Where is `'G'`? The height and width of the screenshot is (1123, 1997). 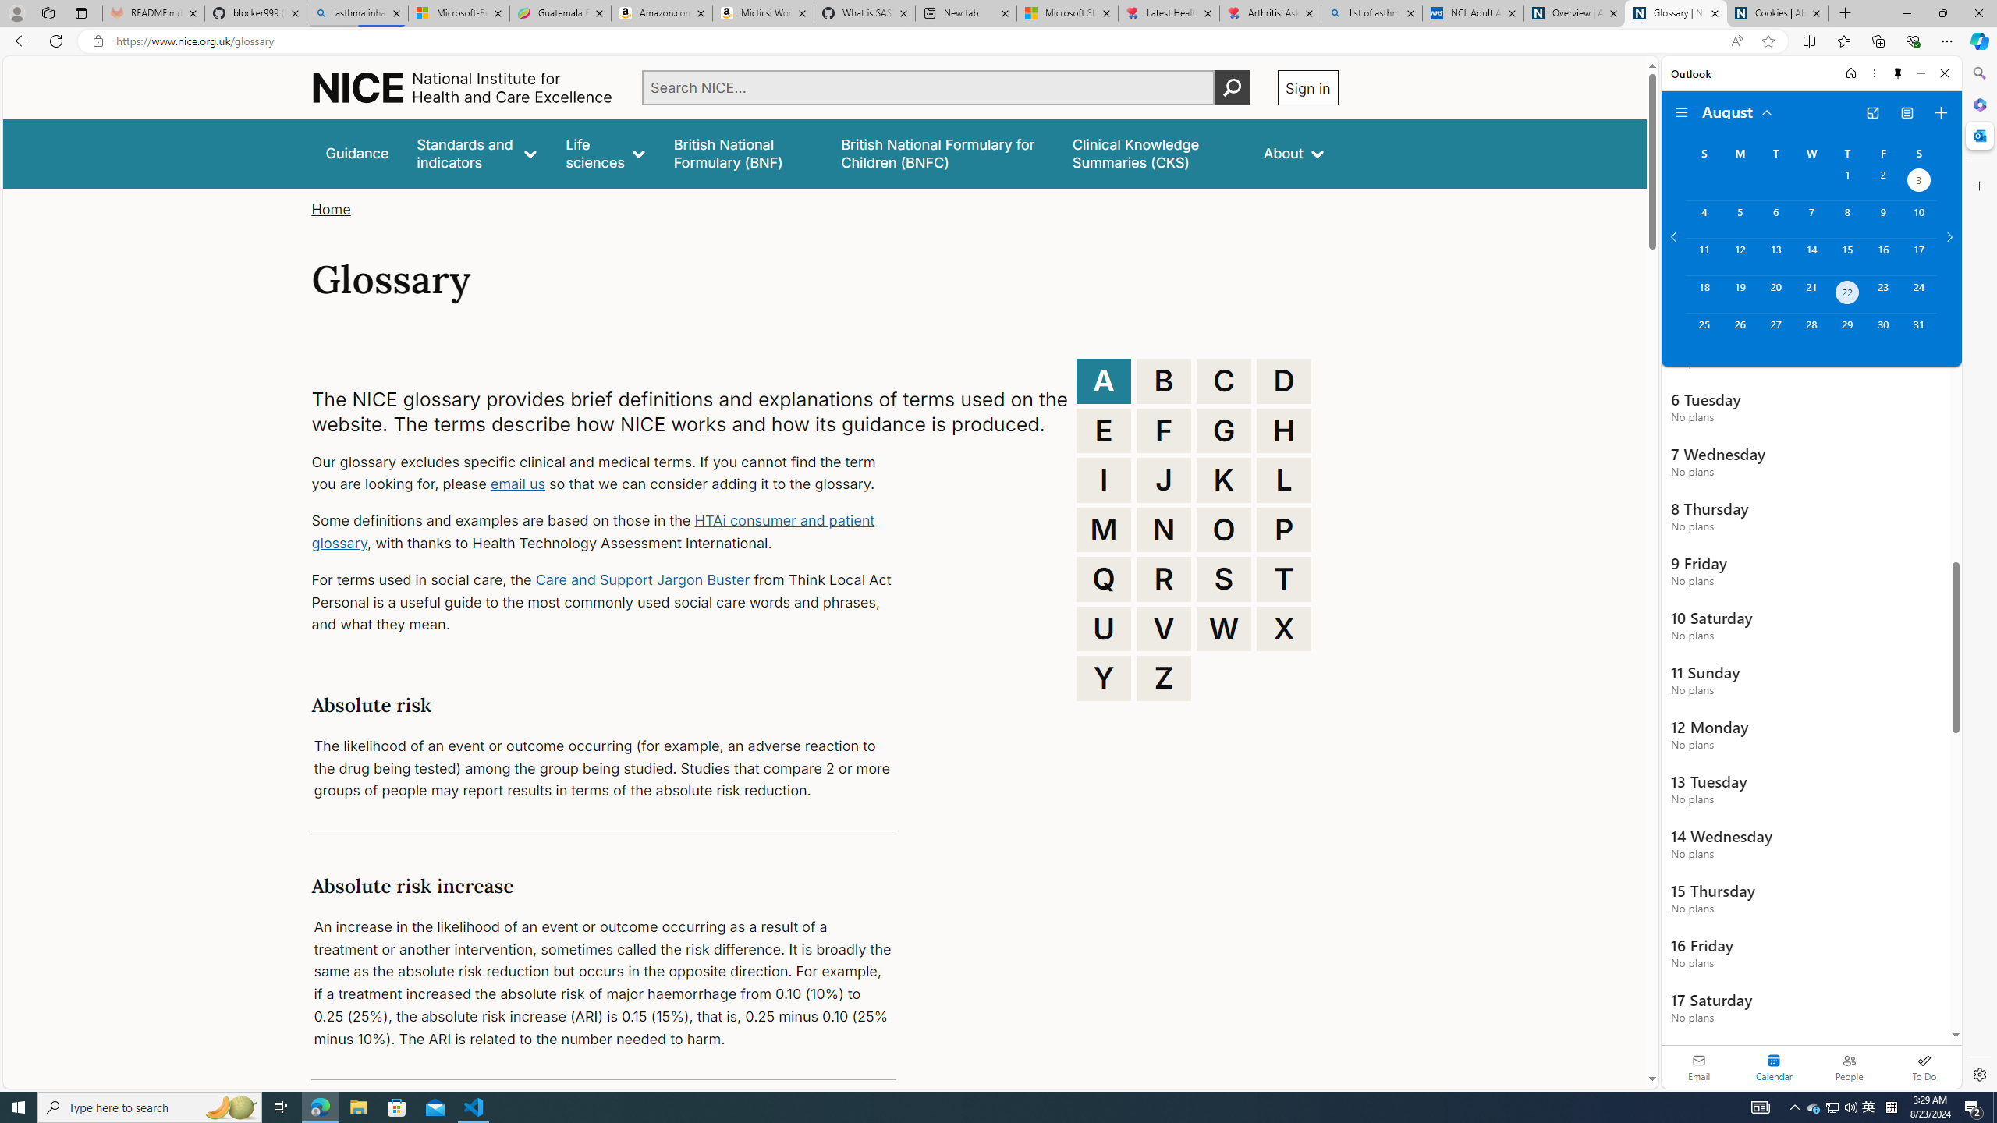 'G' is located at coordinates (1224, 430).